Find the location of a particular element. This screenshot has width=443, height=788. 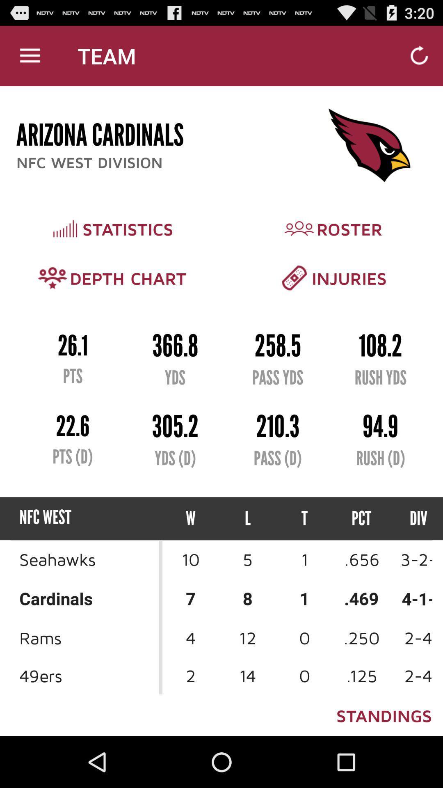

item above arizona cardinals is located at coordinates (30, 55).